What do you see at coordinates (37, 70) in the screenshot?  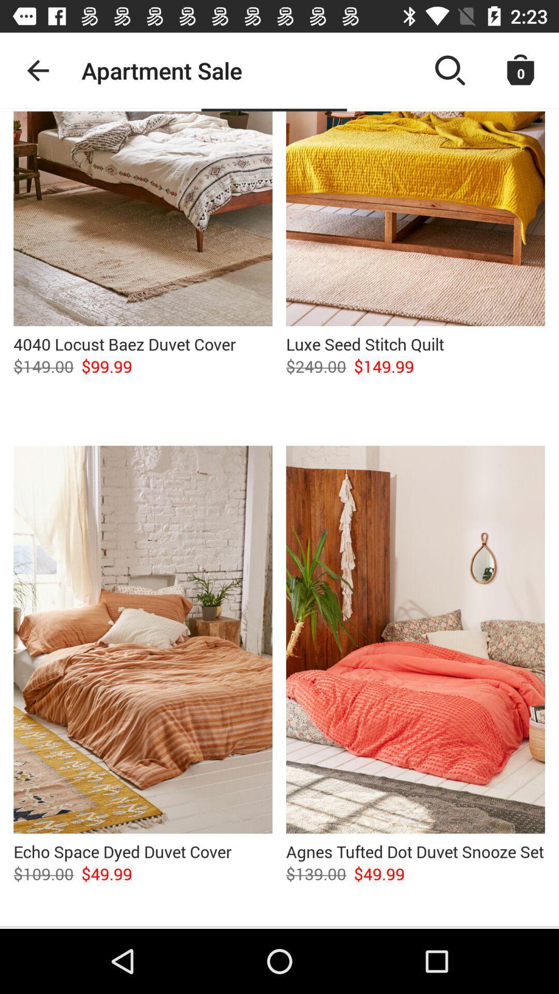 I see `the app to the left of the apartment sale app` at bounding box center [37, 70].